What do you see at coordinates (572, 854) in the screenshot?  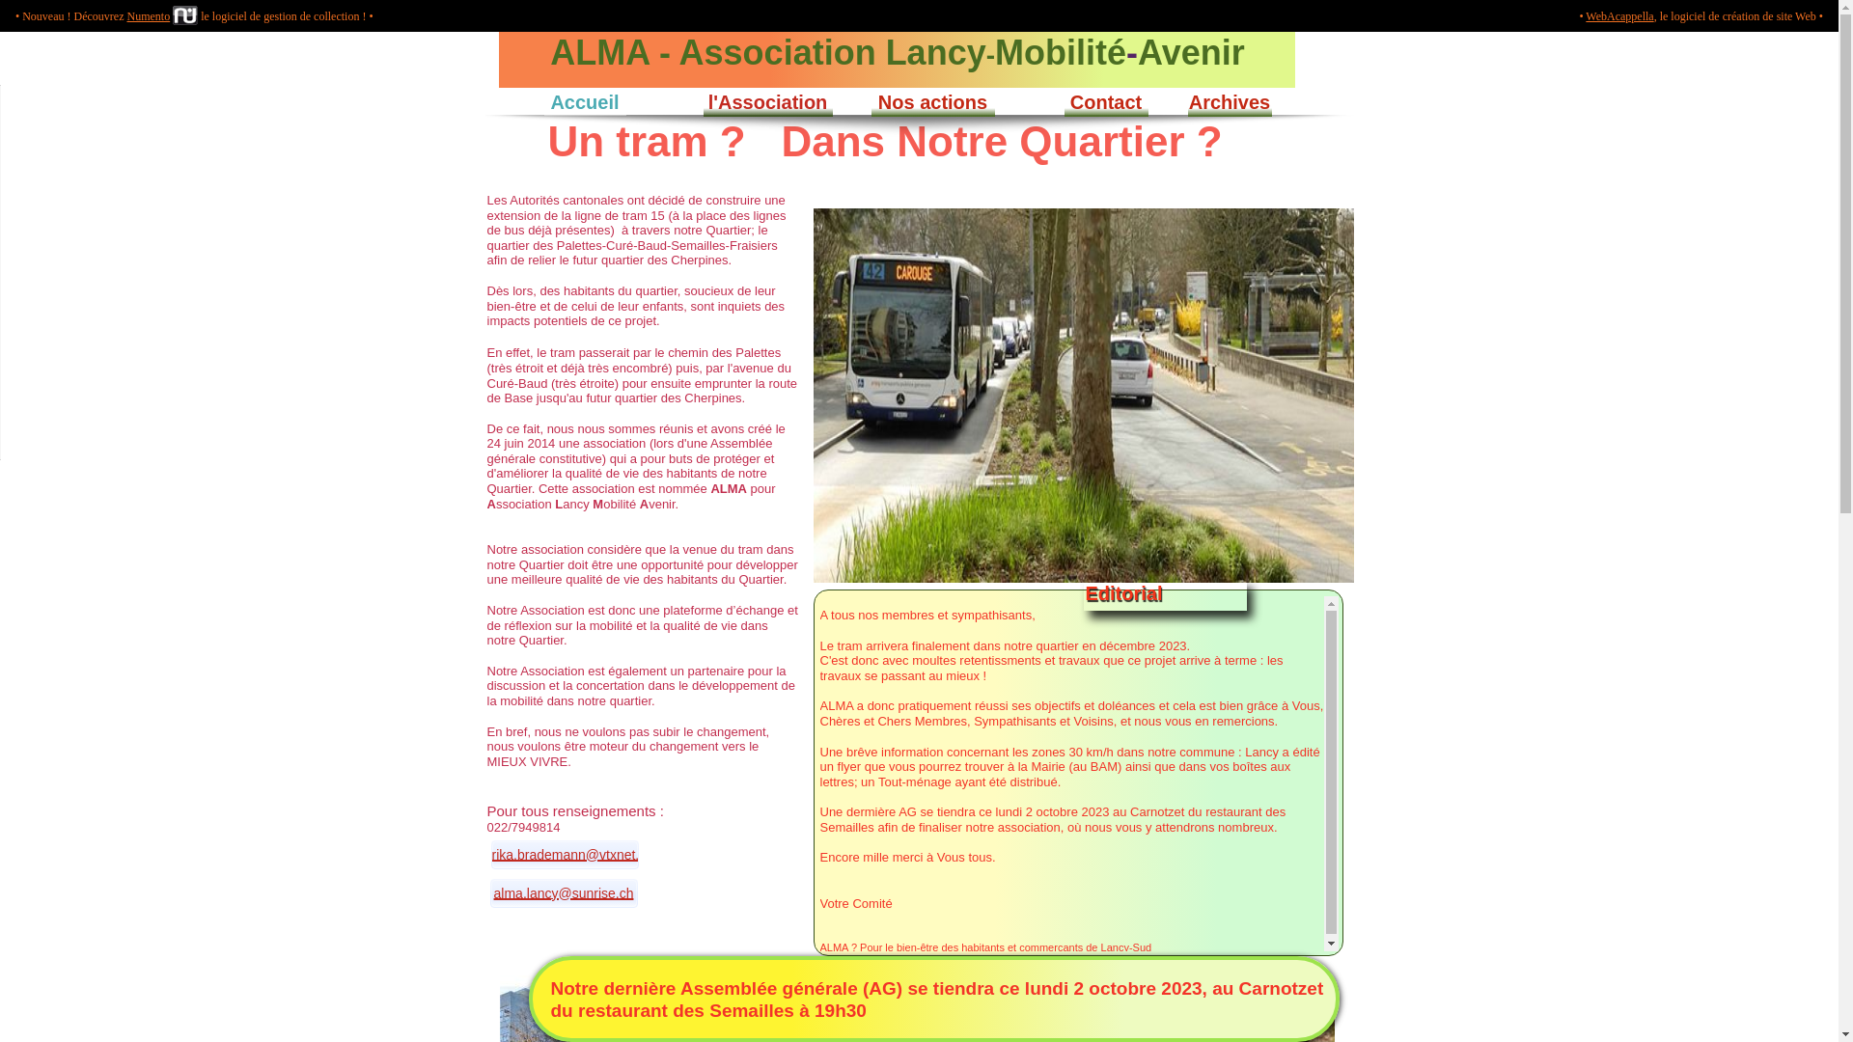 I see `'rika.brademann@vtxnet.ch'` at bounding box center [572, 854].